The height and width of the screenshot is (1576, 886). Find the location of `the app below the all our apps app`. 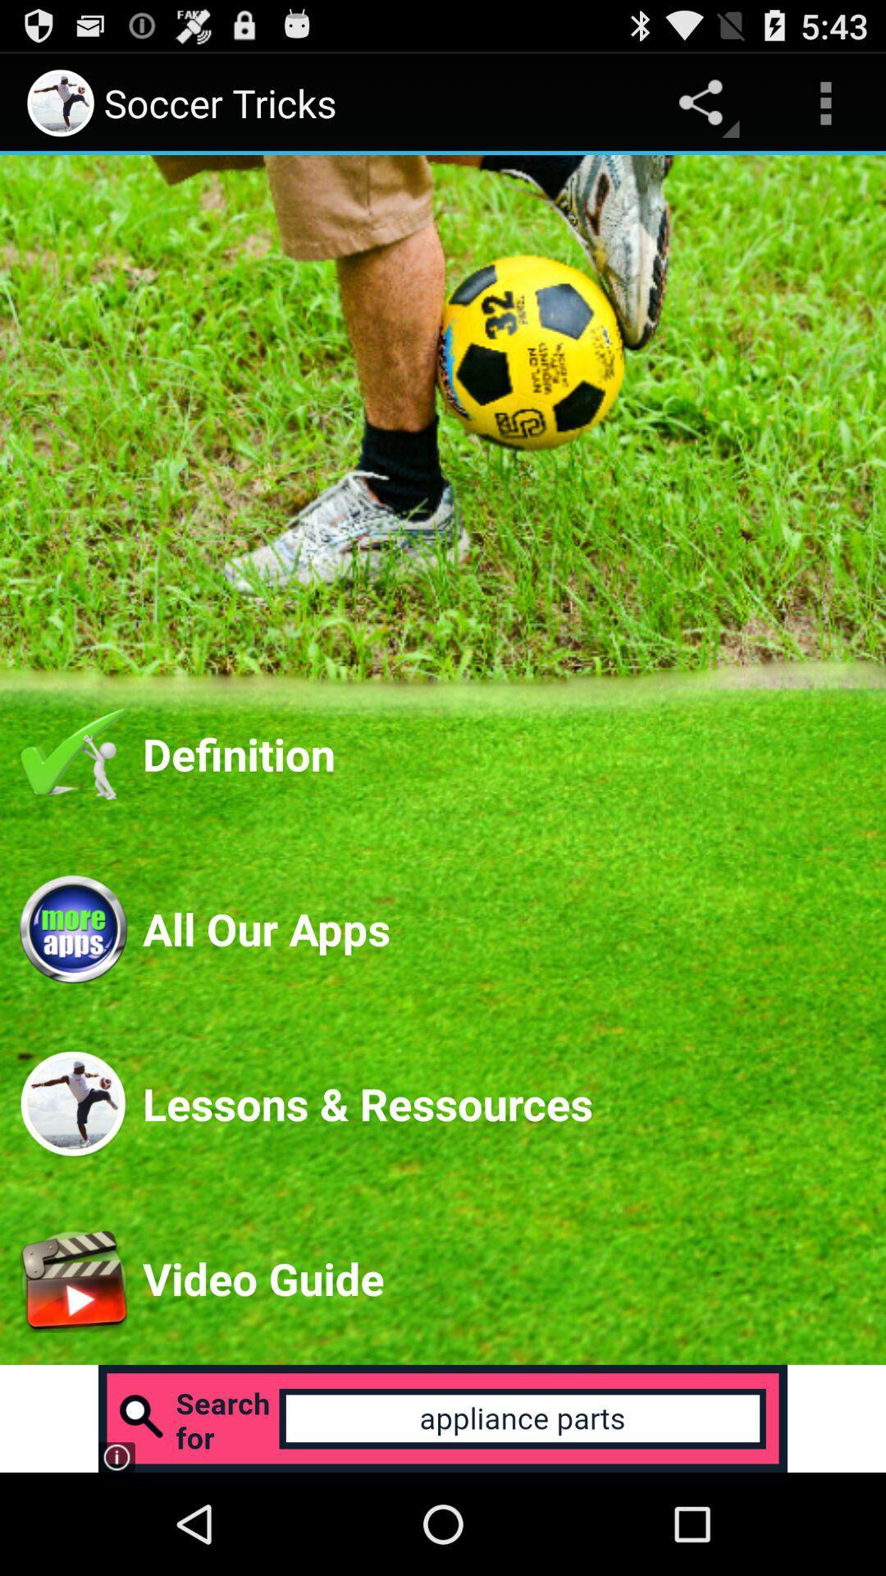

the app below the all our apps app is located at coordinates (503, 1103).